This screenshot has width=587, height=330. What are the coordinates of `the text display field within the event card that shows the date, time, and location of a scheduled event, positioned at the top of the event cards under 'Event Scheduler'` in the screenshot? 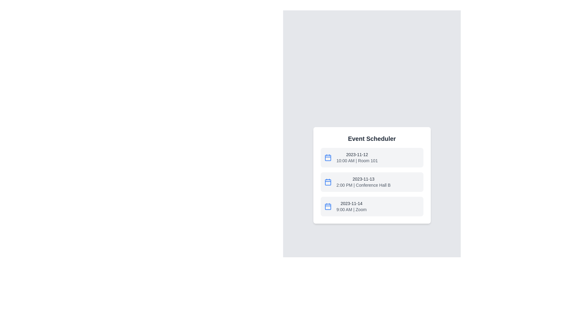 It's located at (357, 157).